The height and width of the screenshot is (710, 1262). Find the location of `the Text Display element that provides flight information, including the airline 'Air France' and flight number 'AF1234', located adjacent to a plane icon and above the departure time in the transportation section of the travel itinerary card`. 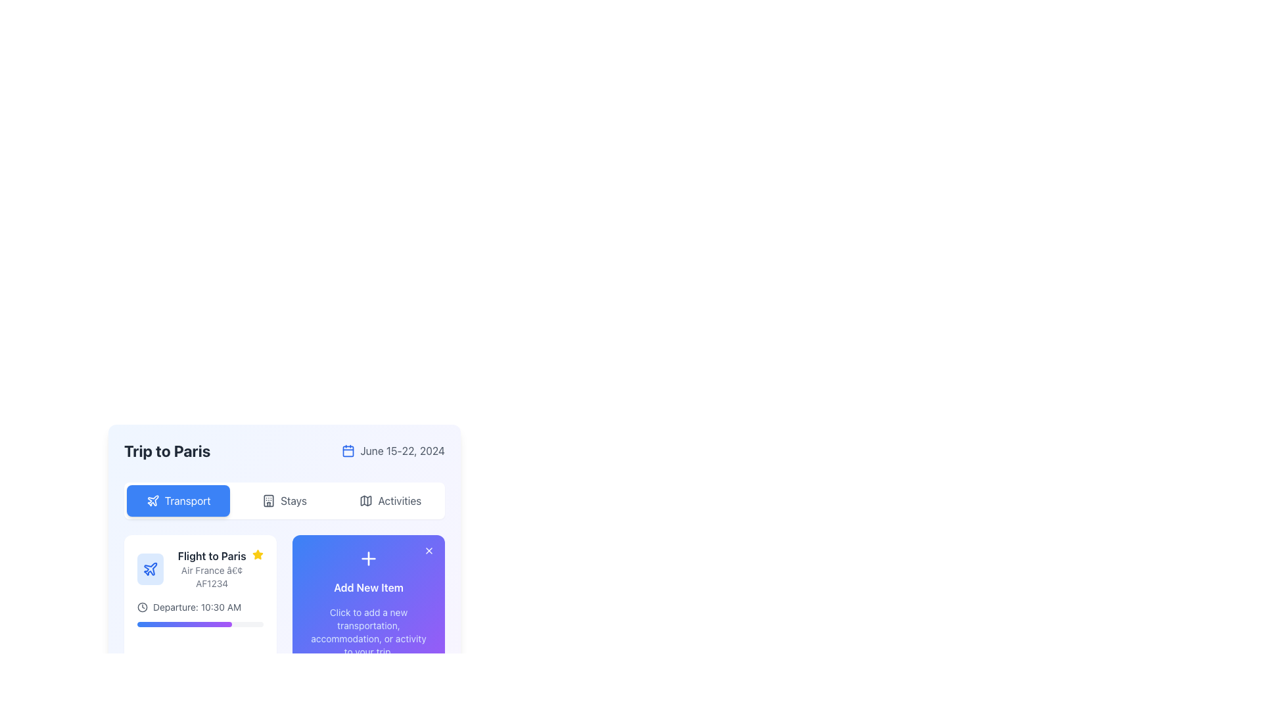

the Text Display element that provides flight information, including the airline 'Air France' and flight number 'AF1234', located adjacent to a plane icon and above the departure time in the transportation section of the travel itinerary card is located at coordinates (212, 569).